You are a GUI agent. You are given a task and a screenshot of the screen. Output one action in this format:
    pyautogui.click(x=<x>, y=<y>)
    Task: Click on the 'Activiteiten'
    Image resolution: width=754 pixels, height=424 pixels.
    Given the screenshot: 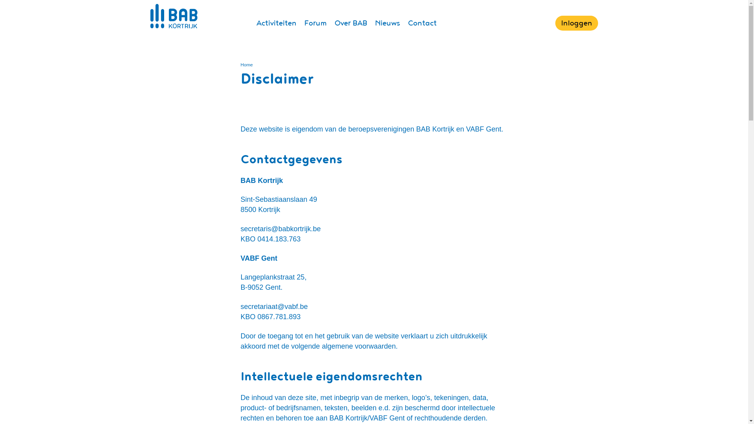 What is the action you would take?
    pyautogui.click(x=276, y=22)
    